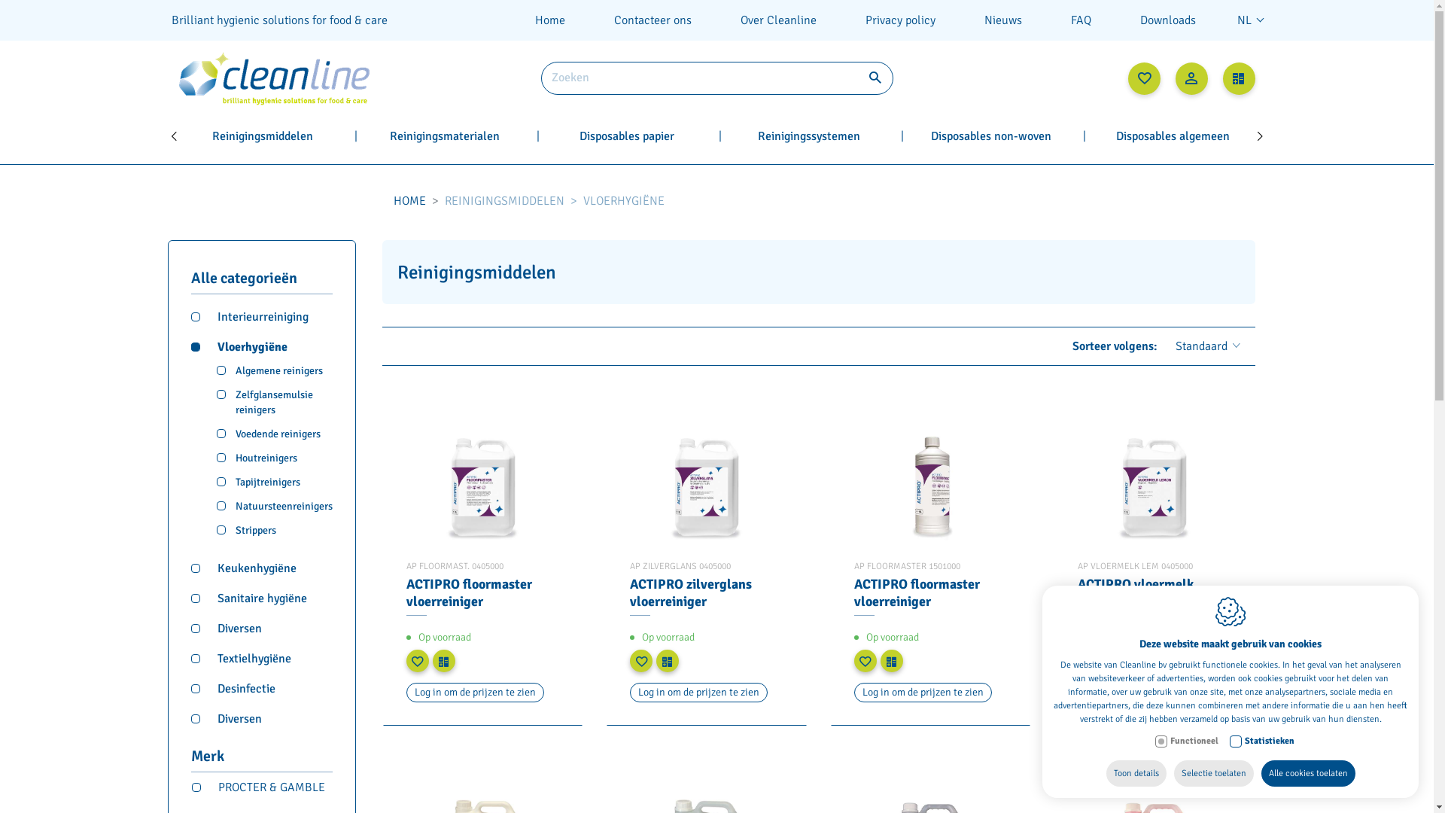 The height and width of the screenshot is (813, 1445). What do you see at coordinates (274, 366) in the screenshot?
I see `'Algemene reinigers'` at bounding box center [274, 366].